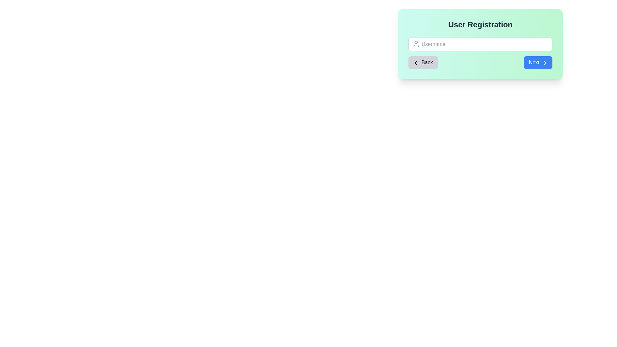  What do you see at coordinates (416, 63) in the screenshot?
I see `the 'Back' button icon` at bounding box center [416, 63].